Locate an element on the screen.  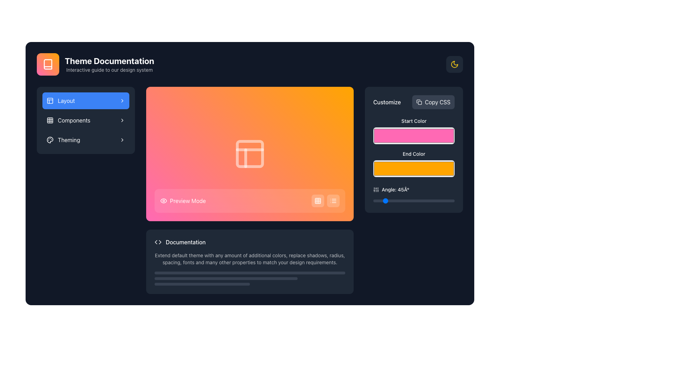
the grid icon resembling a modern outline design, located to the left of the 'Components' label in the left-hand navigation panel is located at coordinates (50, 120).